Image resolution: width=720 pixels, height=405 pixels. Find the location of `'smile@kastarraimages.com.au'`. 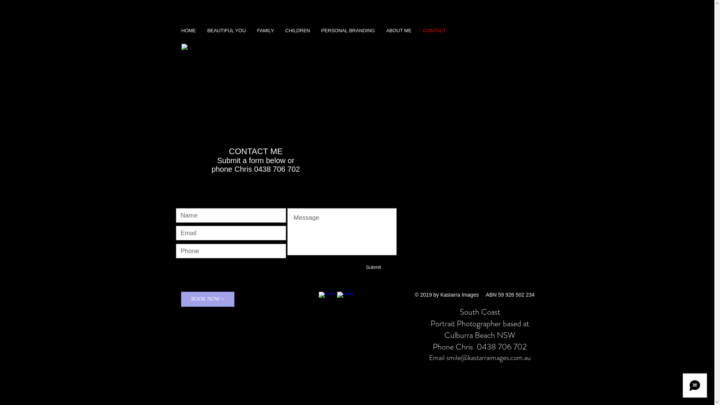

'smile@kastarraimages.com.au' is located at coordinates (488, 357).